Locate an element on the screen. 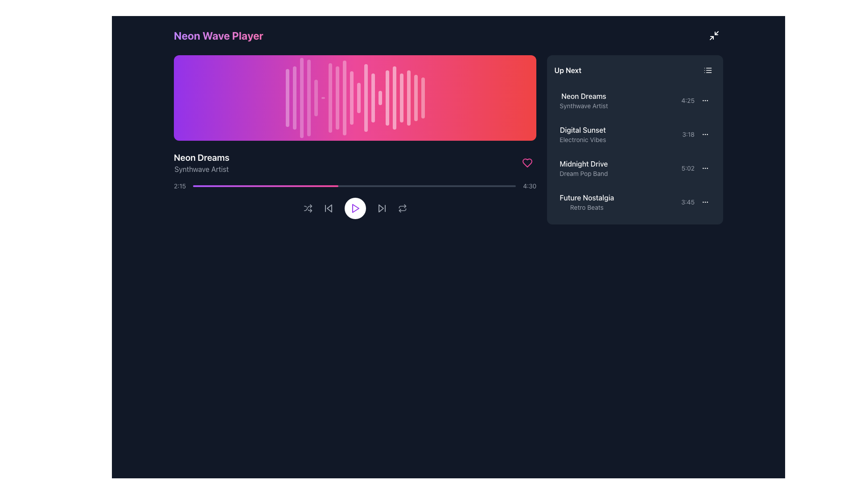 The height and width of the screenshot is (481, 856). the playback control Icon button located to the left of the central play button is located at coordinates (329, 208).